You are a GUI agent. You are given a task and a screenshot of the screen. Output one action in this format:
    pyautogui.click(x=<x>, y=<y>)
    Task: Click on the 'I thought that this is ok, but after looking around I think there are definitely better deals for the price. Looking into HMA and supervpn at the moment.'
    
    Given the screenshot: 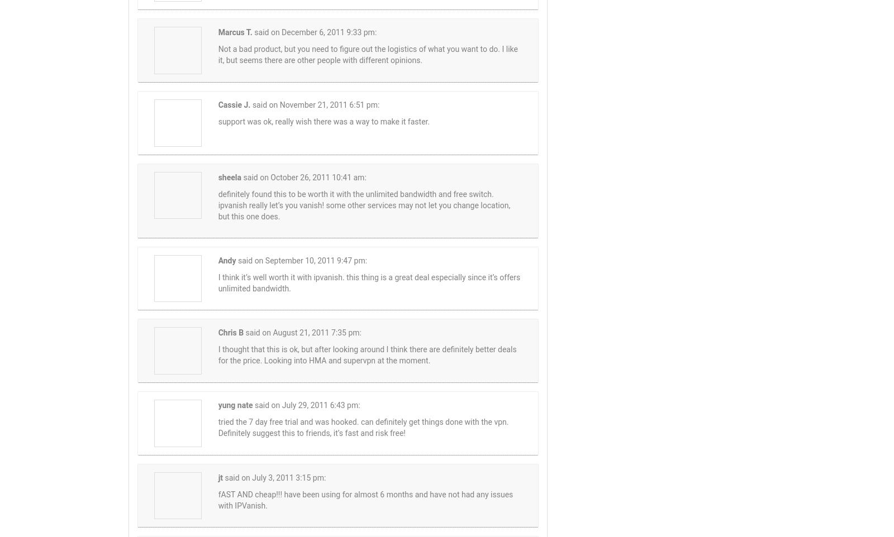 What is the action you would take?
    pyautogui.click(x=367, y=354)
    